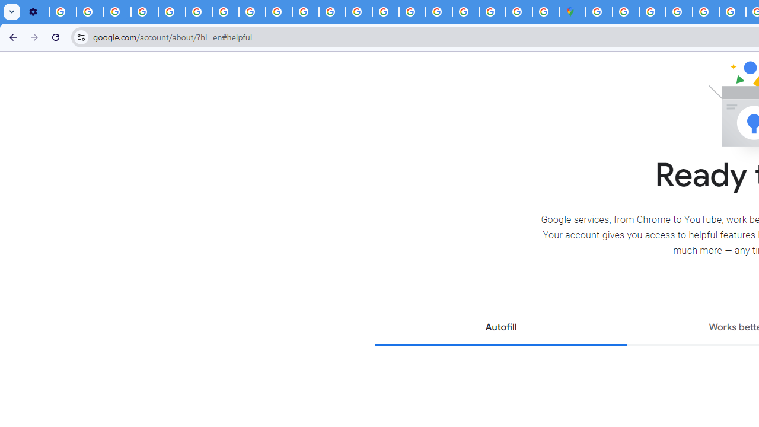  What do you see at coordinates (36, 12) in the screenshot?
I see `'Settings - Customize profile'` at bounding box center [36, 12].